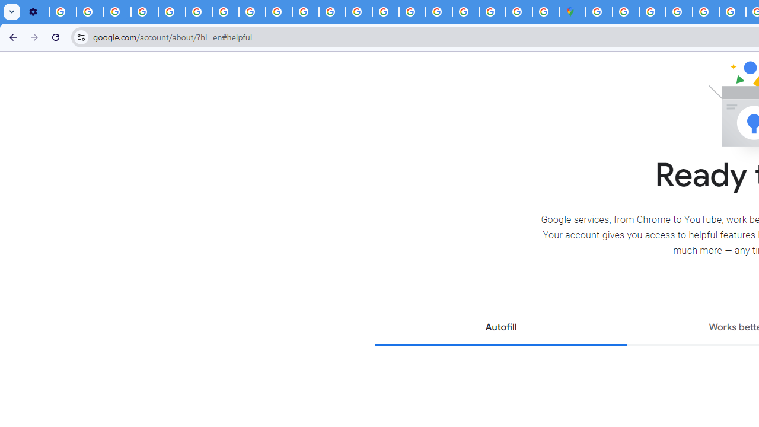  What do you see at coordinates (36, 12) in the screenshot?
I see `'Settings - Customize profile'` at bounding box center [36, 12].